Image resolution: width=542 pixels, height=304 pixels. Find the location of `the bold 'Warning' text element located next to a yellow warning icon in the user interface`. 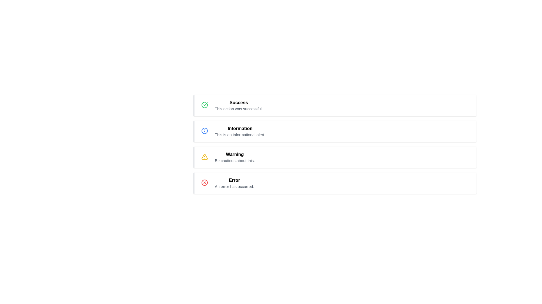

the bold 'Warning' text element located next to a yellow warning icon in the user interface is located at coordinates (235, 154).